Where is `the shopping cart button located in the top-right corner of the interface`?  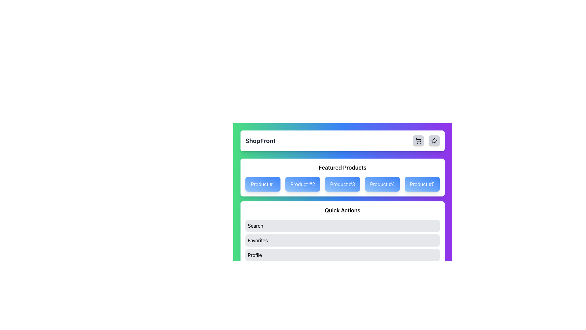
the shopping cart button located in the top-right corner of the interface is located at coordinates (418, 141).